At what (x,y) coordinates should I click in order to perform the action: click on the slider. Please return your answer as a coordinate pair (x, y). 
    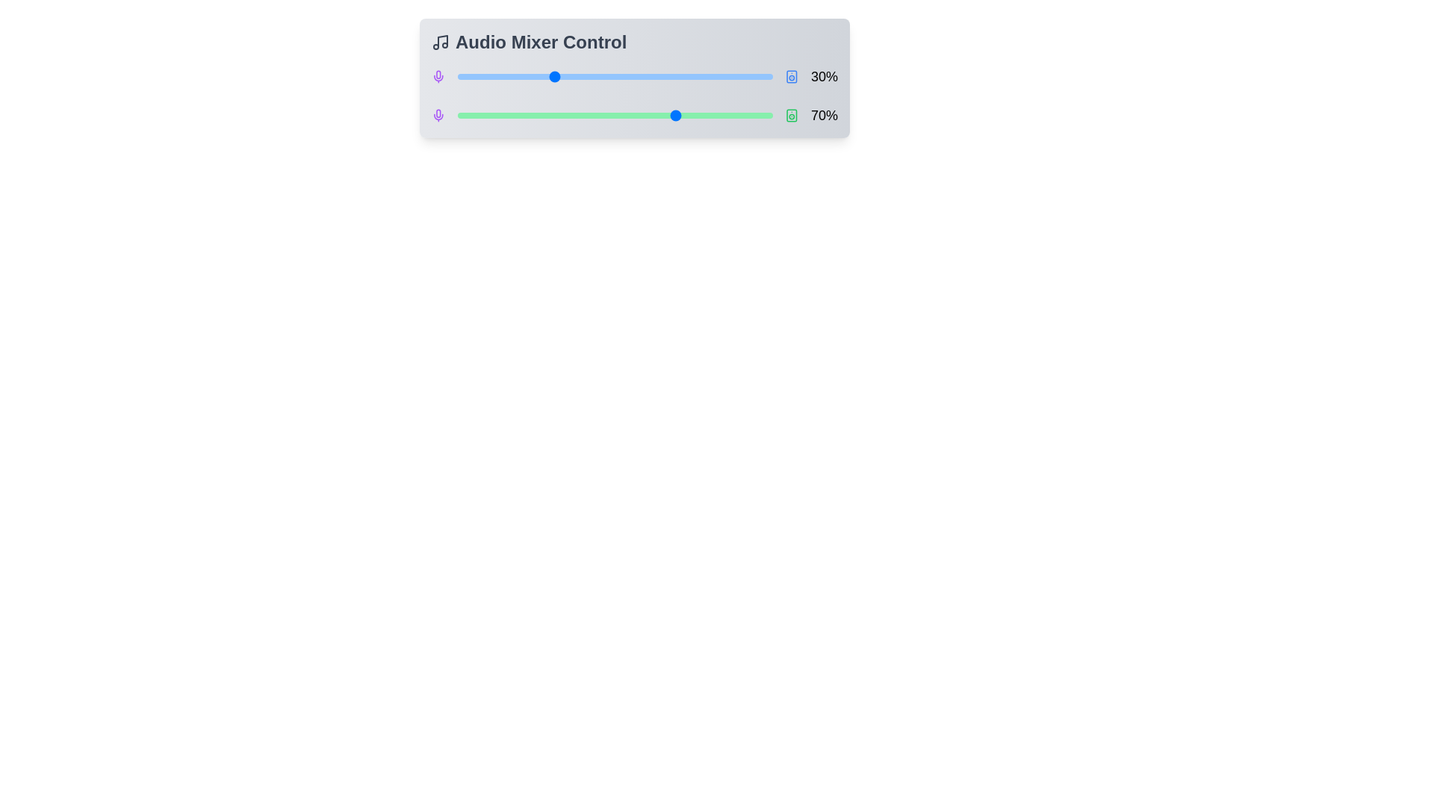
    Looking at the image, I should click on (650, 77).